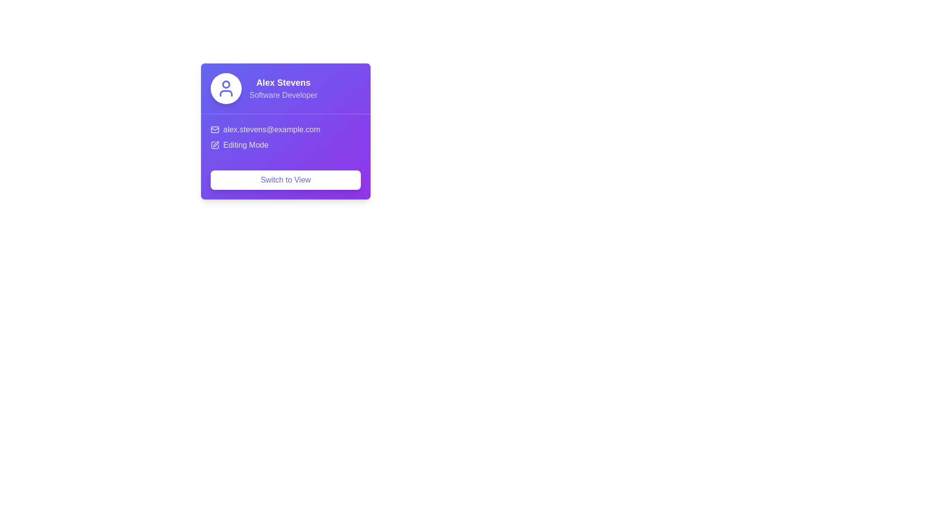  What do you see at coordinates (285, 129) in the screenshot?
I see `the email address label located in the purple card UI component, positioned below the 'Alex Stevens' name and above the 'Editing Mode' text` at bounding box center [285, 129].